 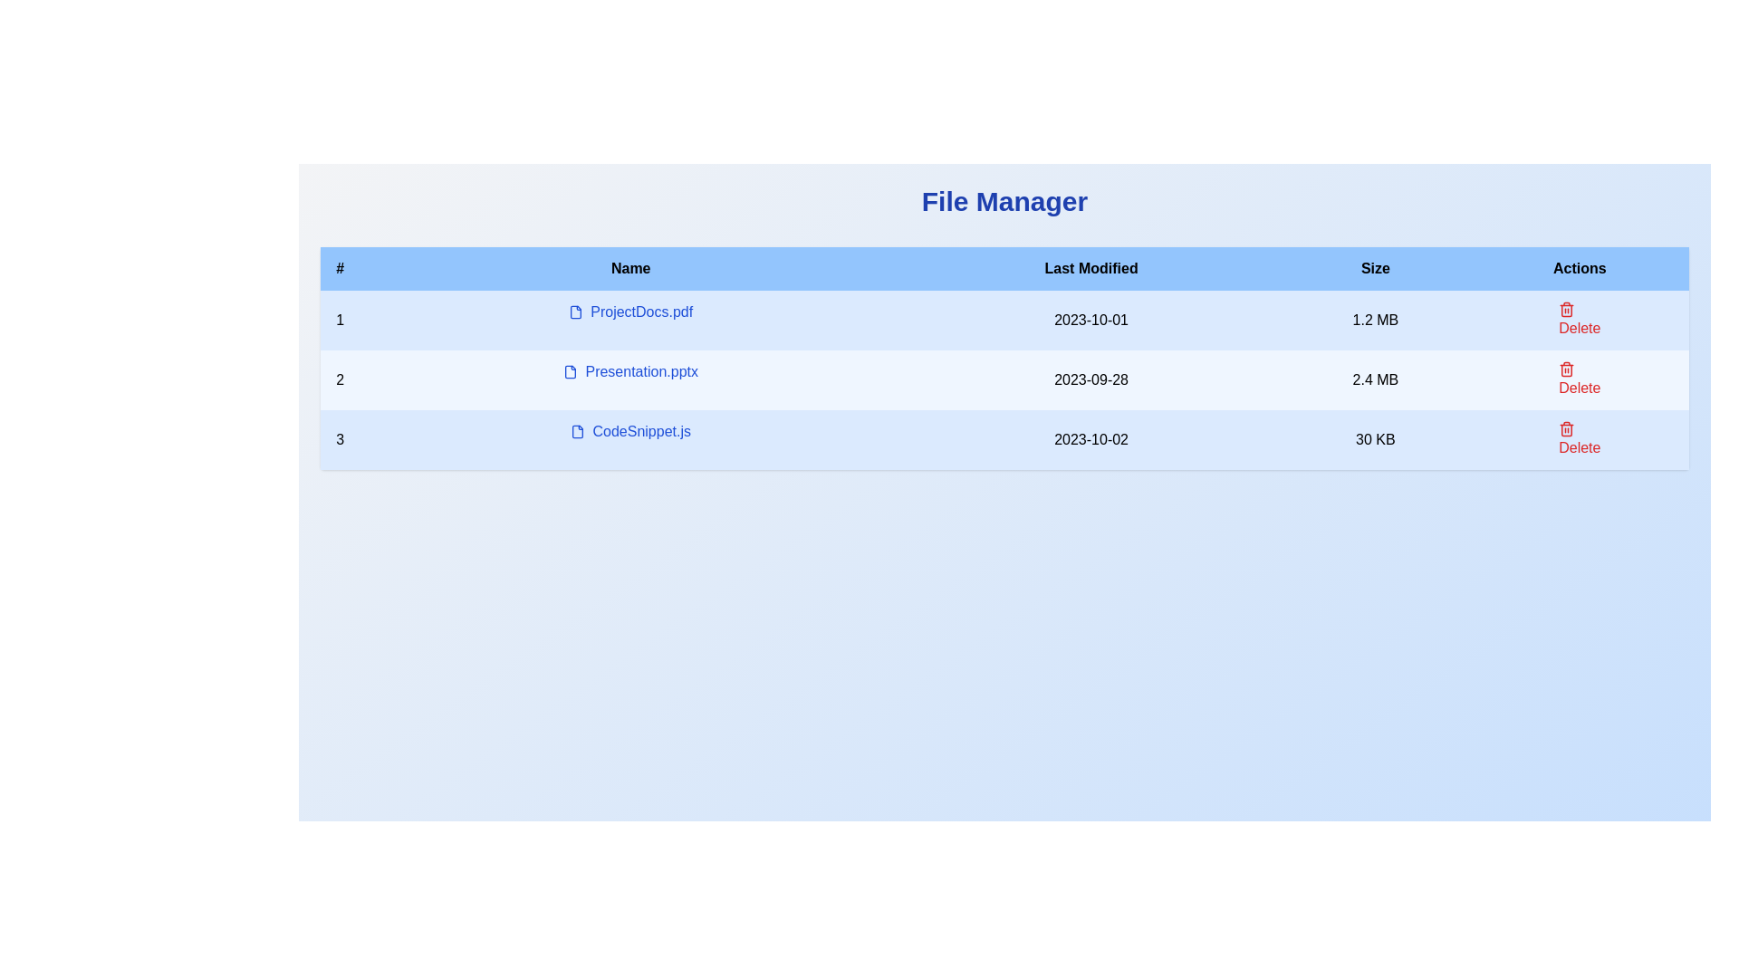 What do you see at coordinates (340, 440) in the screenshot?
I see `index number displayed in the leftmost cell of the third row in the table, which indicates the position of the associated file 'CodeSnippet.js'` at bounding box center [340, 440].